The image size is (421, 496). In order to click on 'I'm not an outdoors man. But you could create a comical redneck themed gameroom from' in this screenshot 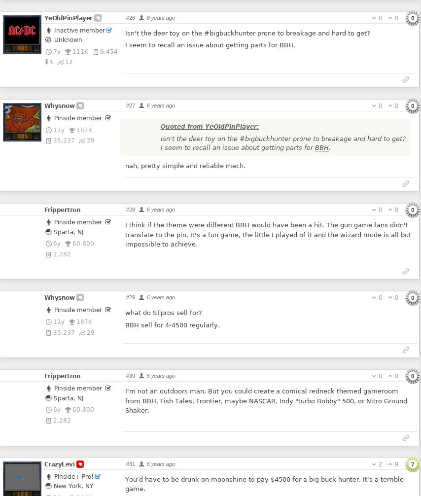, I will do `click(261, 395)`.